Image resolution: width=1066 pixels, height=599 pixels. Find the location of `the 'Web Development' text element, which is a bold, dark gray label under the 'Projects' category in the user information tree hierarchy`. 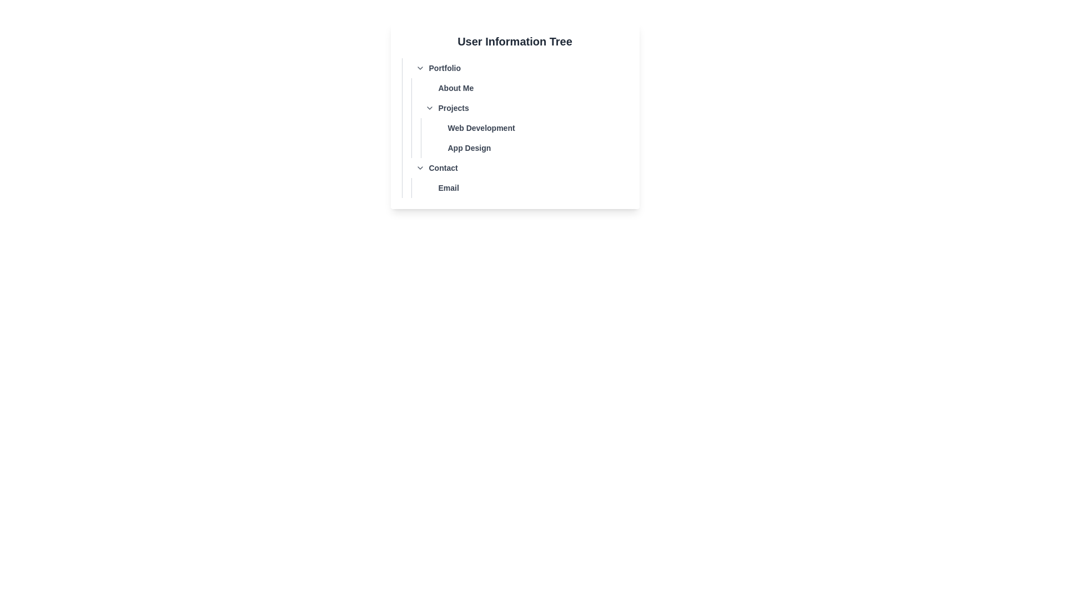

the 'Web Development' text element, which is a bold, dark gray label under the 'Projects' category in the user information tree hierarchy is located at coordinates (481, 128).